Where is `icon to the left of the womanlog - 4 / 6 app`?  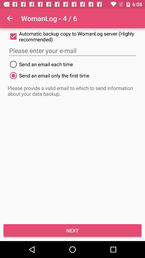
icon to the left of the womanlog - 4 / 6 app is located at coordinates (10, 18).